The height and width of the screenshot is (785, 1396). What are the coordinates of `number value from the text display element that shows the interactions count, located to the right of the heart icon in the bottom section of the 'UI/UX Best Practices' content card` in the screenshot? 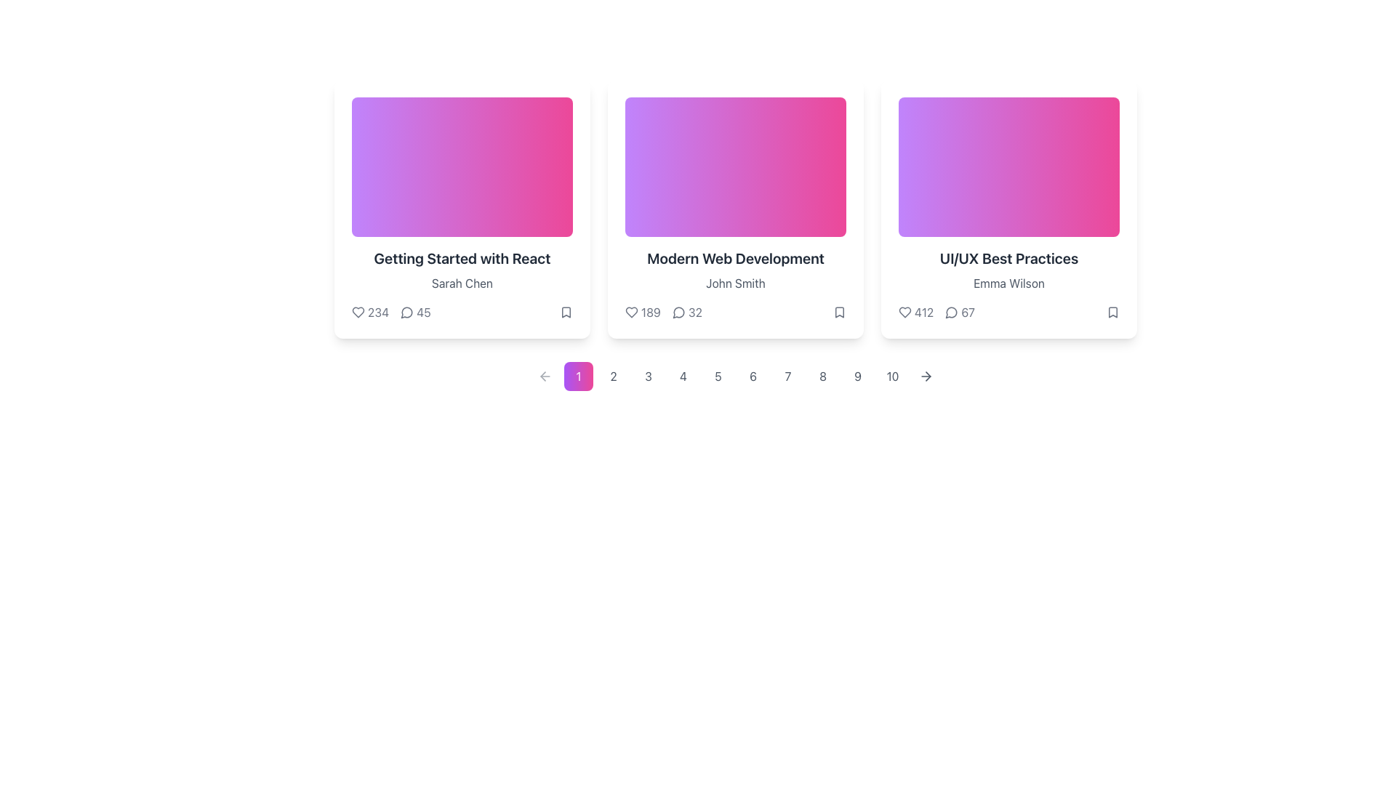 It's located at (923, 311).